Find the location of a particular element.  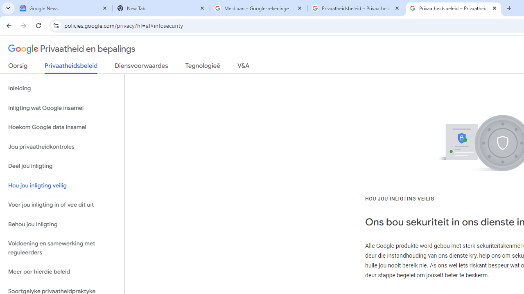

'Oorsig' is located at coordinates (18, 67).